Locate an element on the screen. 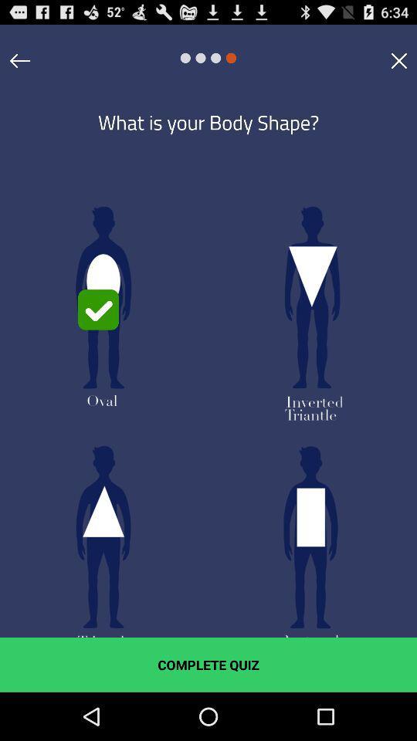  item at the top right corner is located at coordinates (398, 60).